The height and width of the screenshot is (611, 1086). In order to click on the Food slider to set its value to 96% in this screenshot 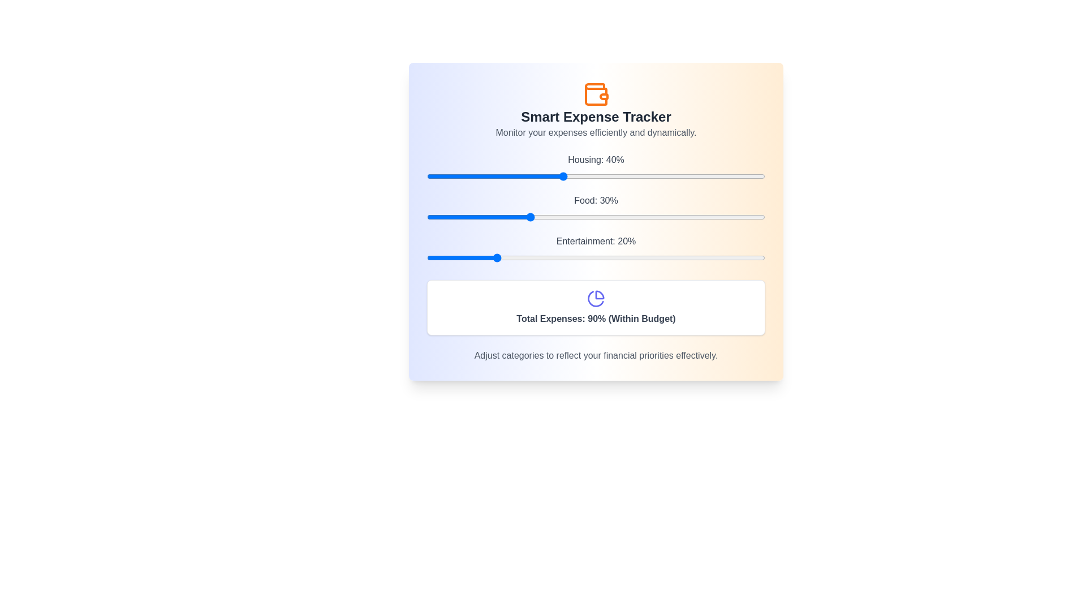, I will do `click(752, 217)`.